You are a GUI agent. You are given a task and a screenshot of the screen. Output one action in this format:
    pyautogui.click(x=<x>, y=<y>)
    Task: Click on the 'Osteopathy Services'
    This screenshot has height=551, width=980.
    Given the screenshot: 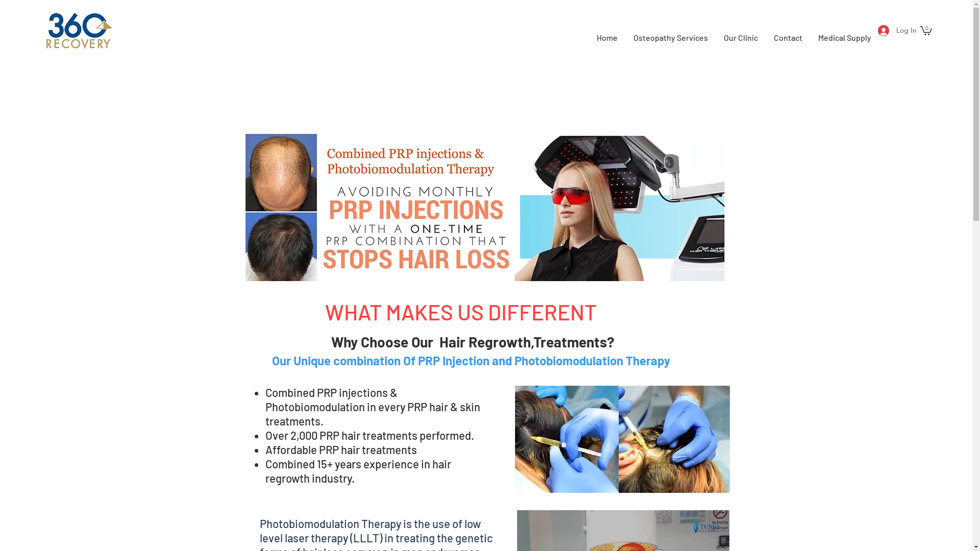 What is the action you would take?
    pyautogui.click(x=670, y=37)
    